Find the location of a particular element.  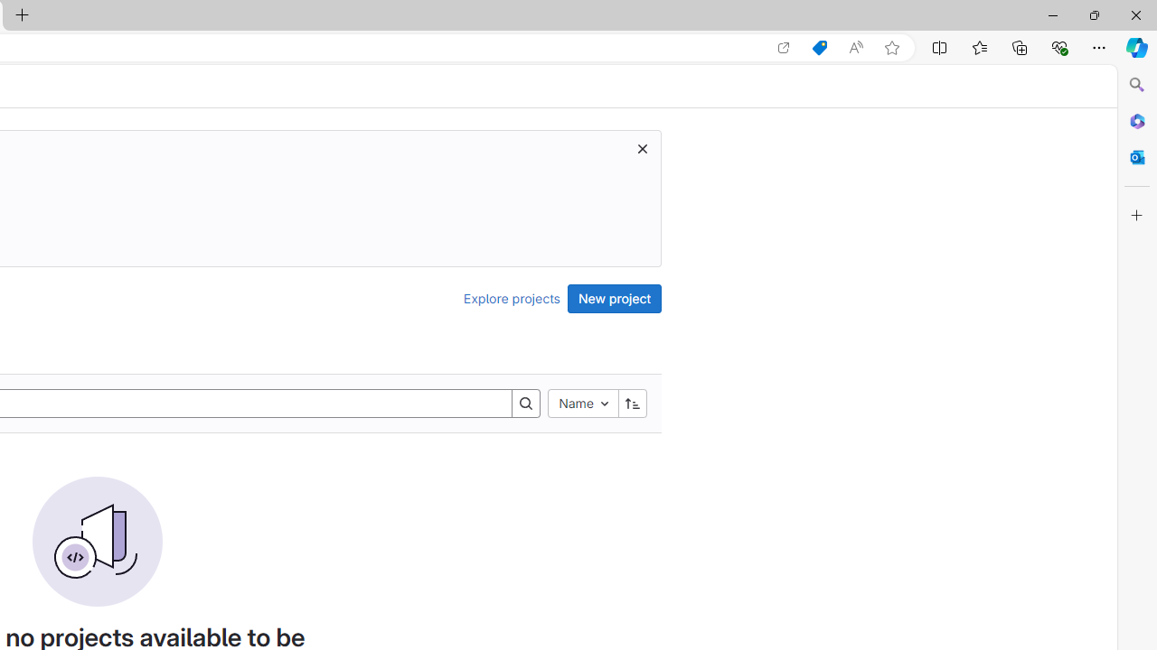

'Name' is located at coordinates (583, 402).